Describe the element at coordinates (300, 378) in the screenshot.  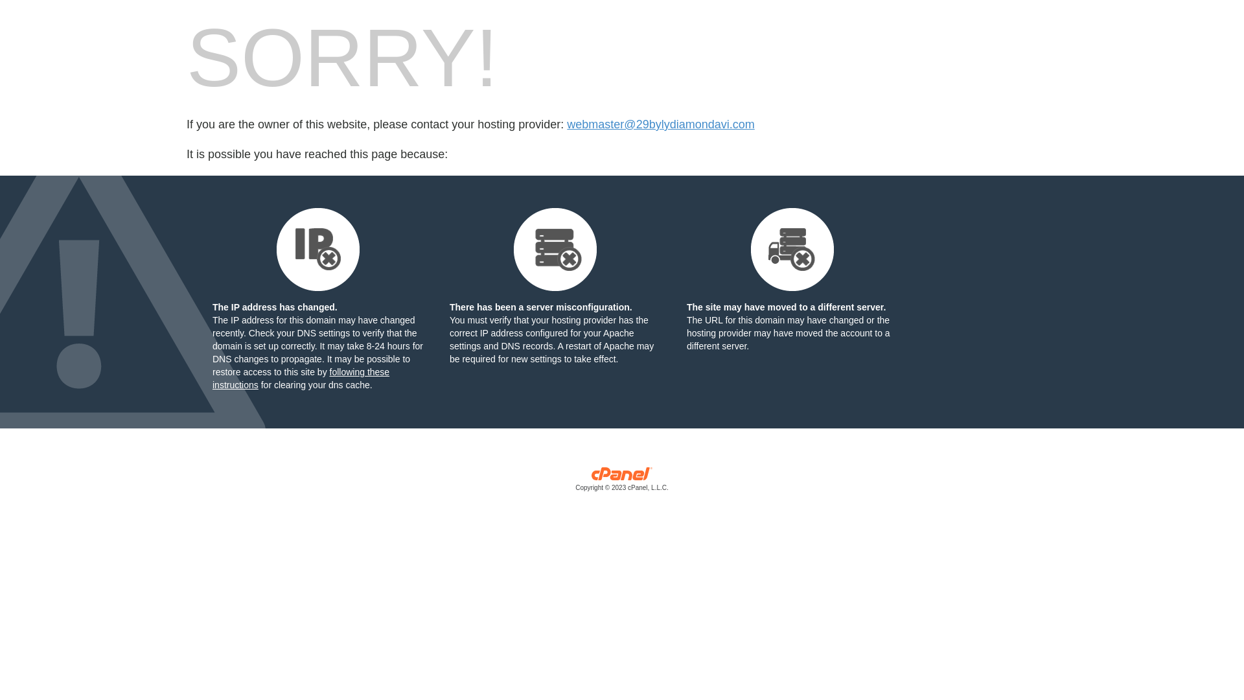
I see `'following these instructions'` at that location.